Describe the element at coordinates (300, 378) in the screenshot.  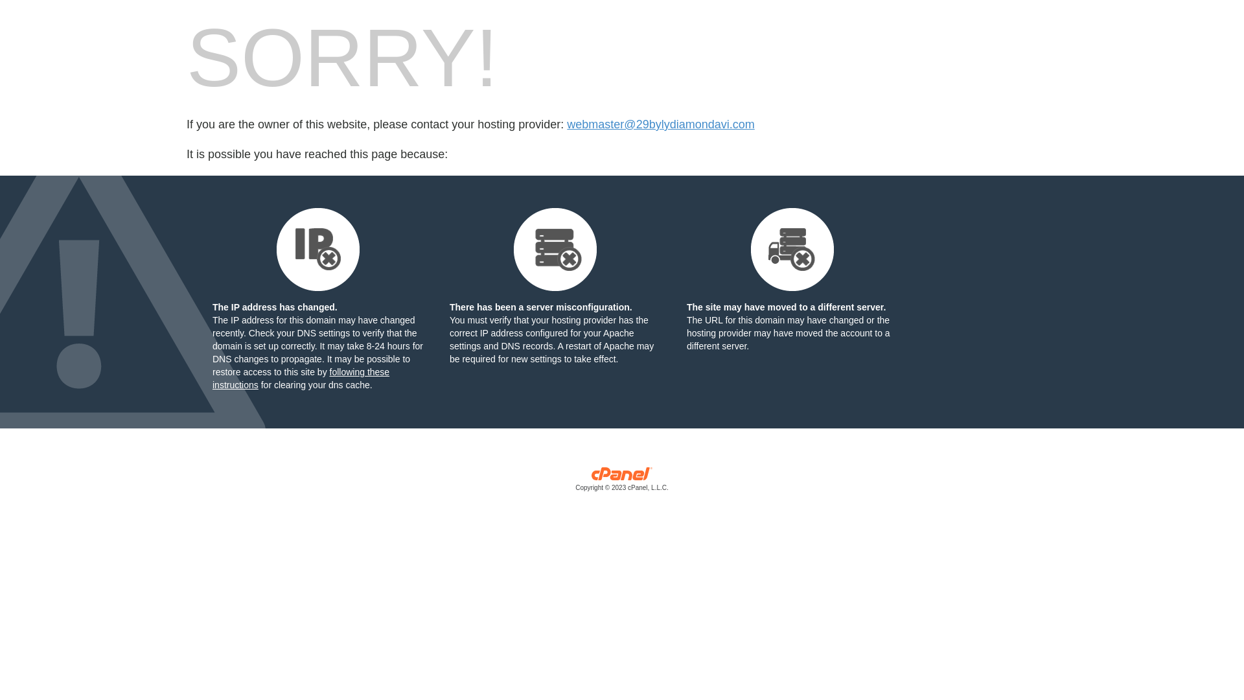
I see `'following these instructions'` at that location.